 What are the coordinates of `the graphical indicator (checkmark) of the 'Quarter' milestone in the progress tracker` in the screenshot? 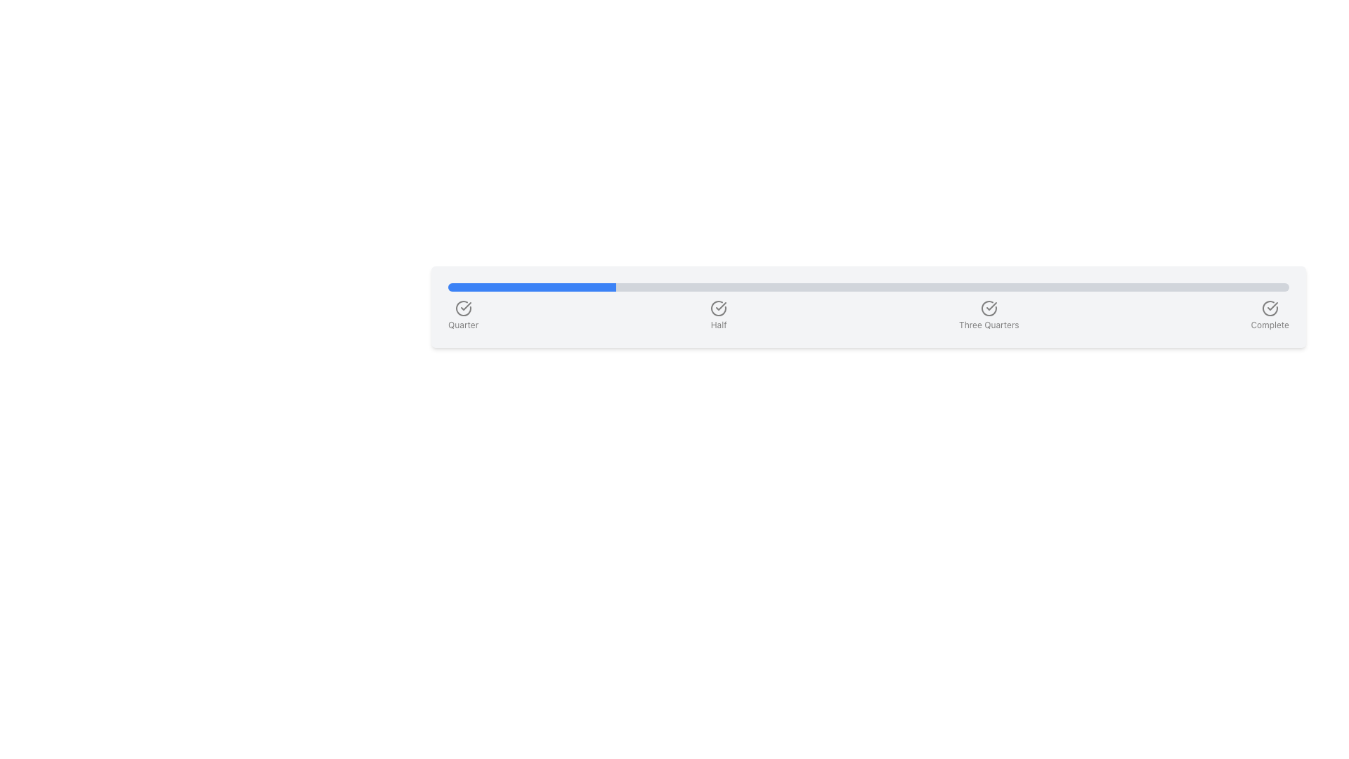 It's located at (463, 314).